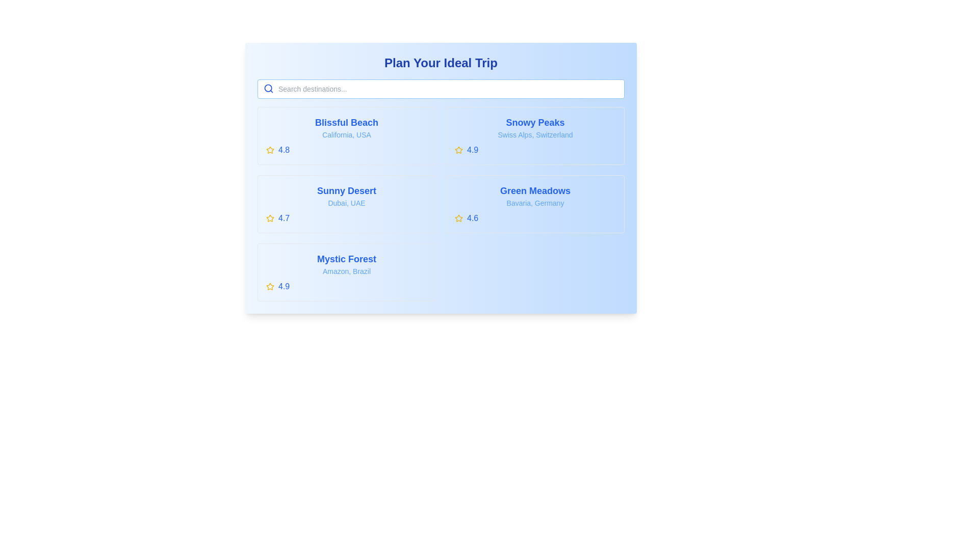 Image resolution: width=979 pixels, height=550 pixels. Describe the element at coordinates (458, 217) in the screenshot. I see `the rating icon indicating quality or popularity within the 'Green Meadows' card, which is located in the top-left corner of the card's content area` at that location.